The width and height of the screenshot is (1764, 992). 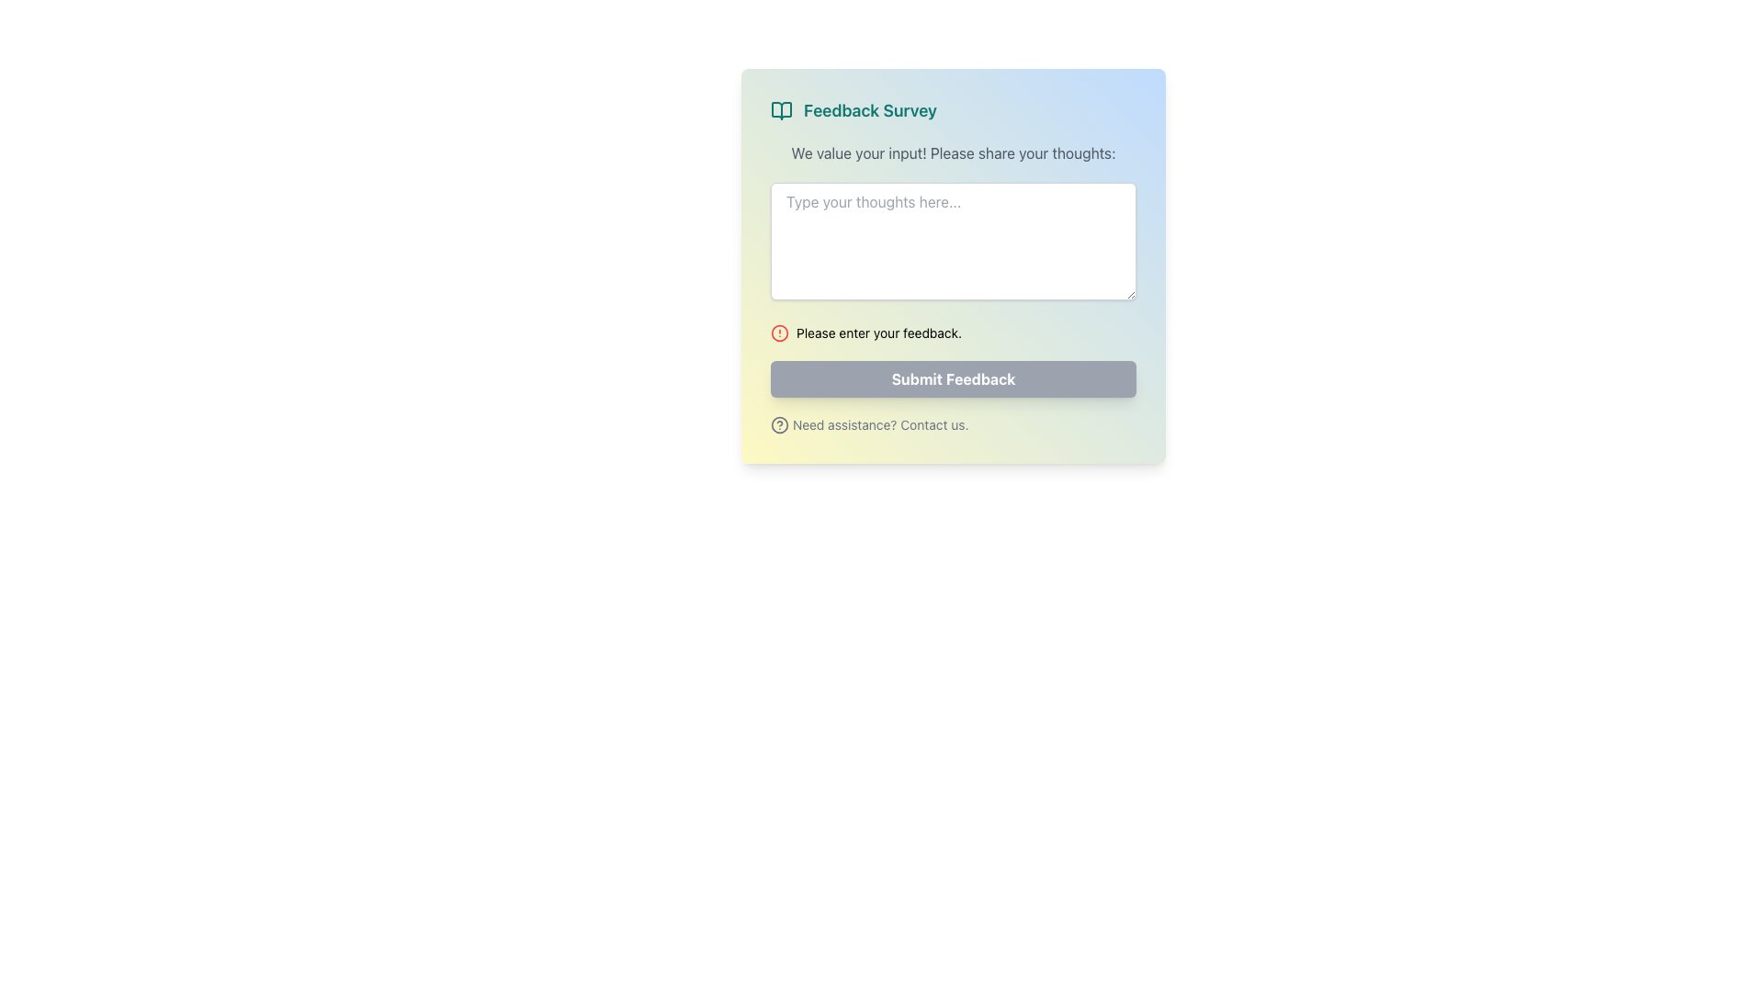 What do you see at coordinates (879, 424) in the screenshot?
I see `the text 'Need assistance? Contact us.' located at the bottom of the visible form panel` at bounding box center [879, 424].